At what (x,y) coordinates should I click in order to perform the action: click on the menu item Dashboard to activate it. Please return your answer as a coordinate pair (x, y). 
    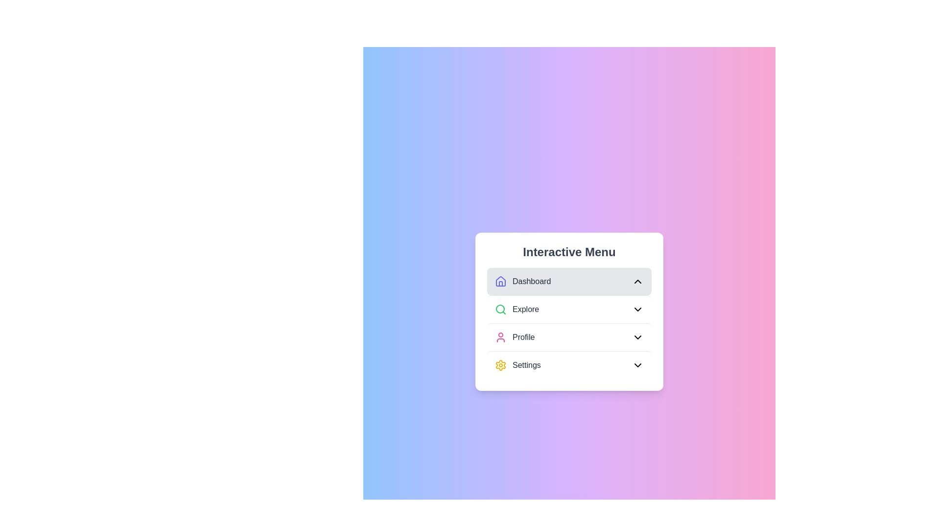
    Looking at the image, I should click on (569, 281).